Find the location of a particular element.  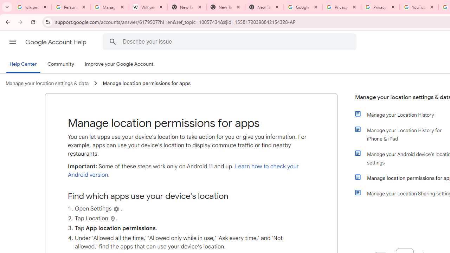

'Google Drive: Sign-in' is located at coordinates (303, 7).